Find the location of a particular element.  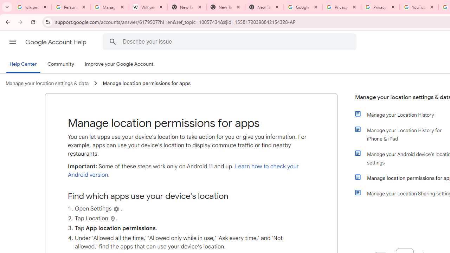

'Google Drive: Sign-in' is located at coordinates (303, 7).